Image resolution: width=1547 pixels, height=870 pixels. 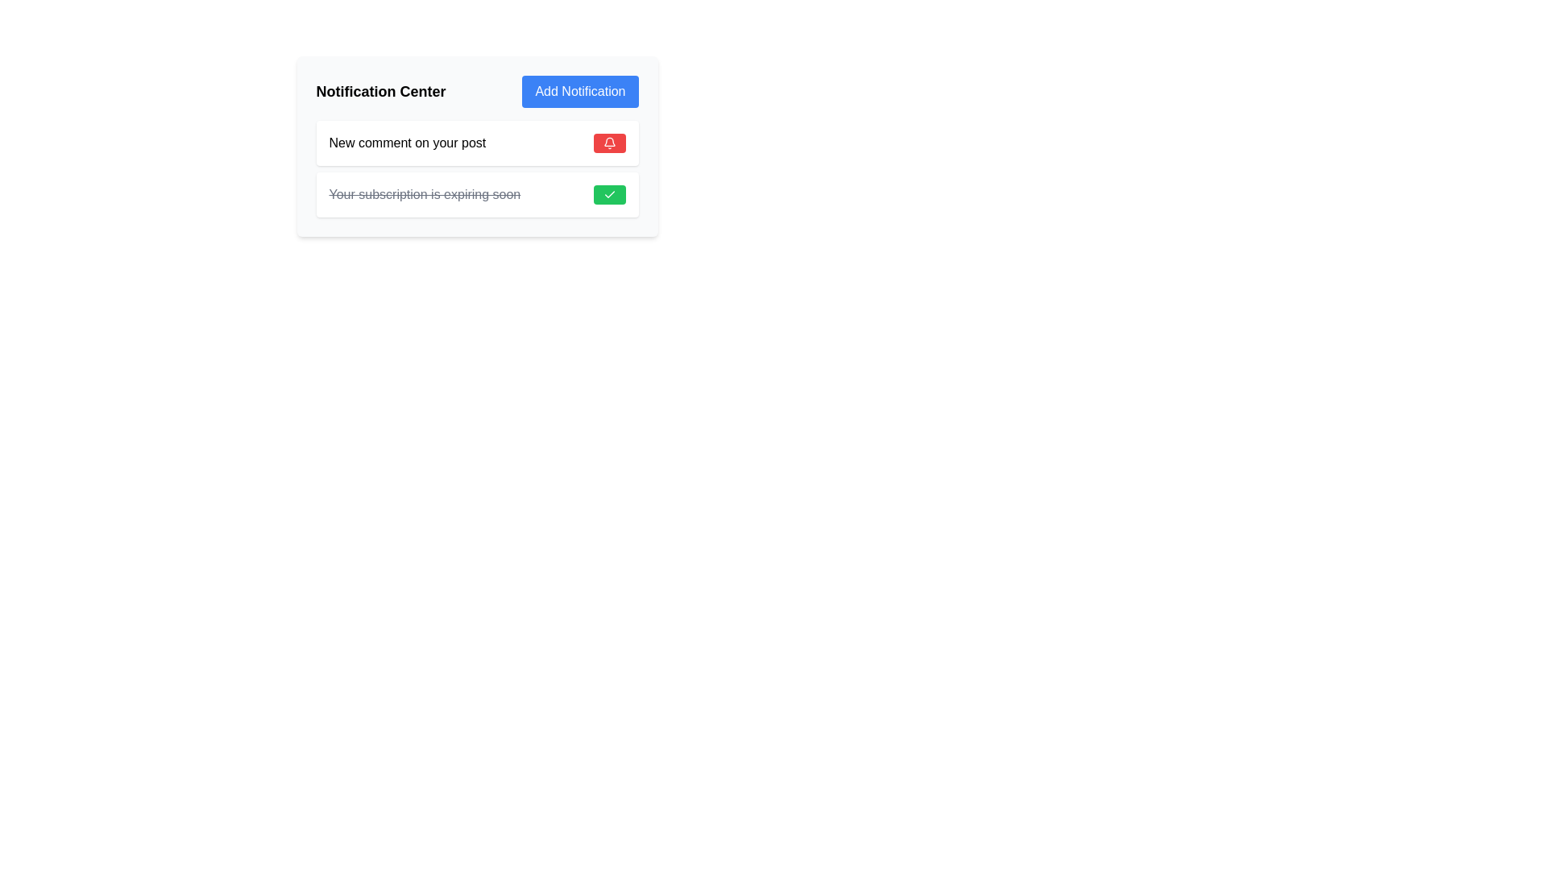 I want to click on the text label that says 'Your subscription is expiring soon', which is styled with a line-through effect and is gray-colored, located within a notification card near the bottom of the notifications list, slightly to the left of the green confirmation button, so click(x=425, y=194).